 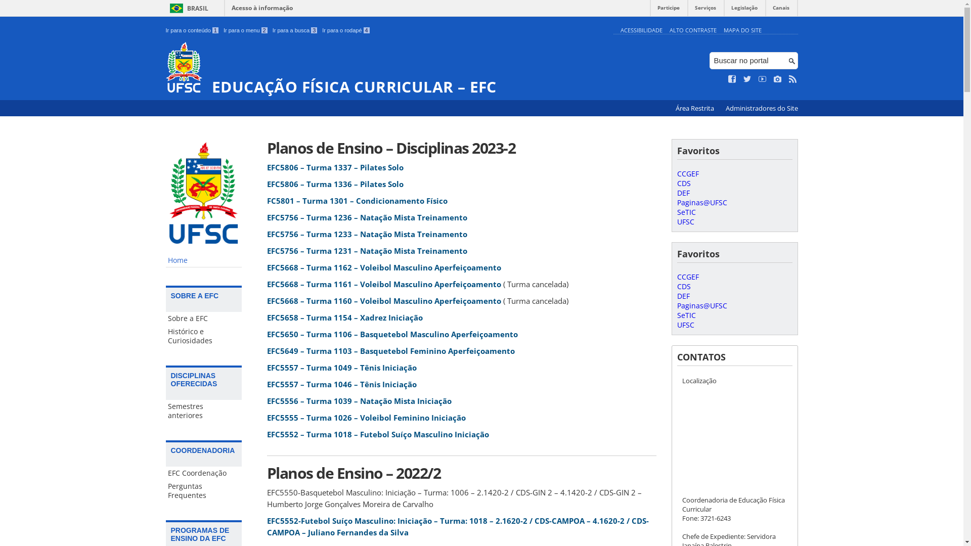 I want to click on 'ACESSIBILIDADE', so click(x=640, y=29).